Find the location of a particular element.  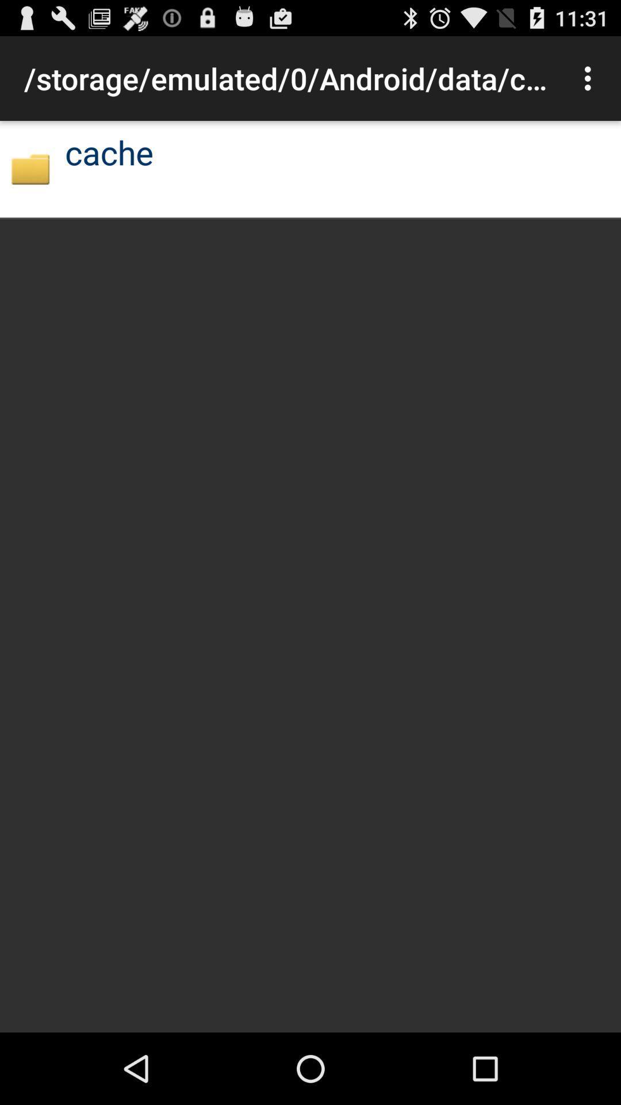

the app below storage emulated 0 item is located at coordinates (29, 168).